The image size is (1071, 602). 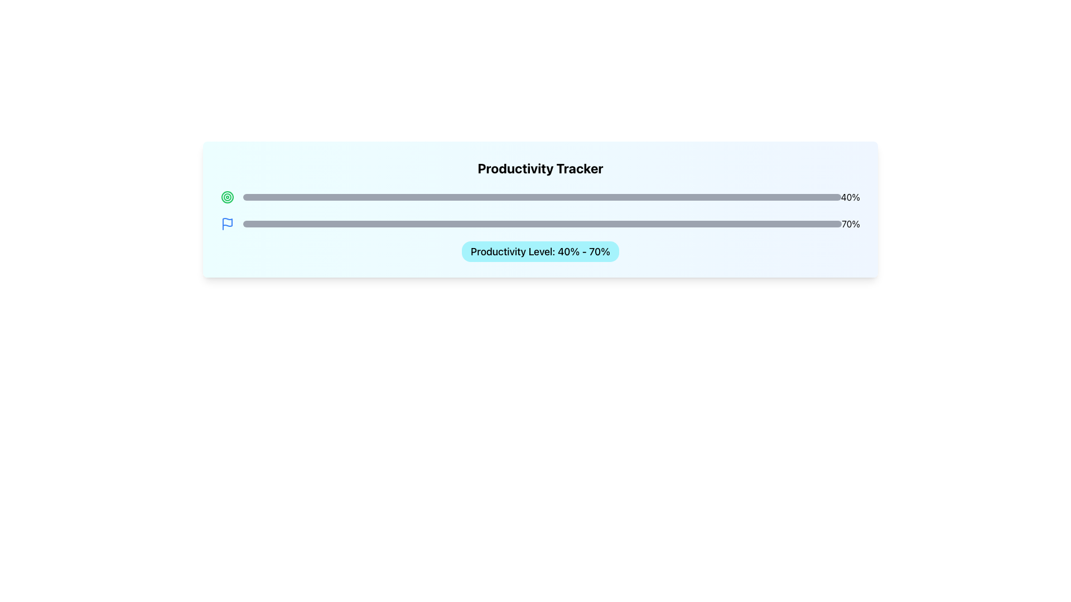 I want to click on the progress value, so click(x=529, y=224).